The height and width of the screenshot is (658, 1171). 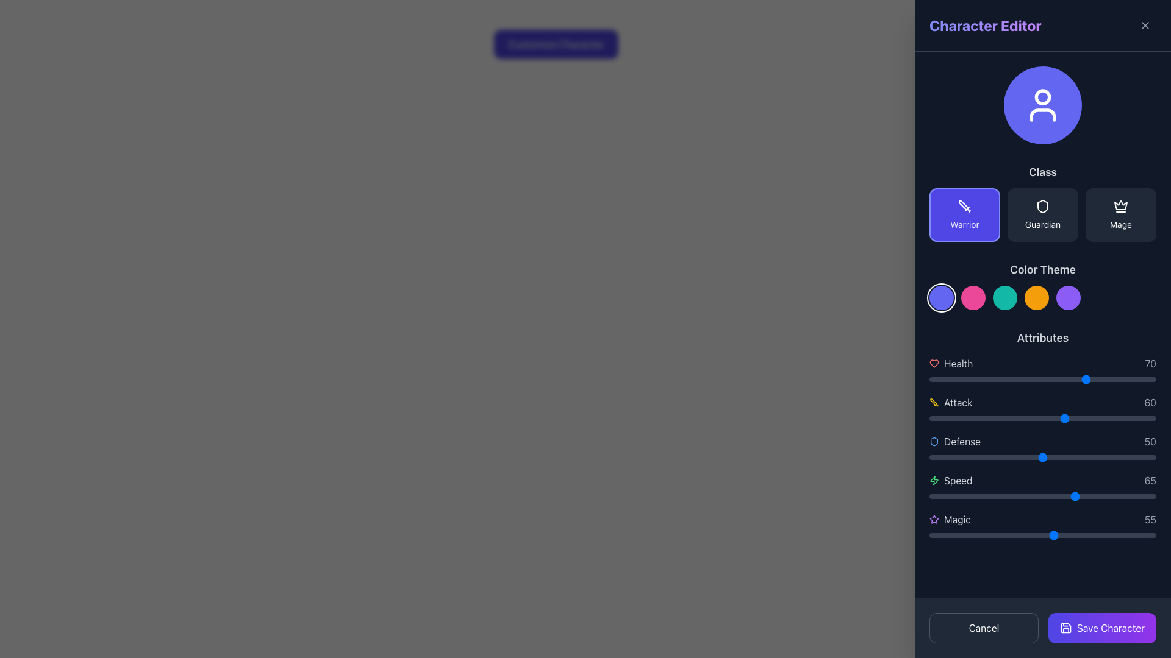 What do you see at coordinates (1036, 298) in the screenshot?
I see `the fourth circular orange button under the 'Color Theme' section in the 'Character Editor' panel` at bounding box center [1036, 298].